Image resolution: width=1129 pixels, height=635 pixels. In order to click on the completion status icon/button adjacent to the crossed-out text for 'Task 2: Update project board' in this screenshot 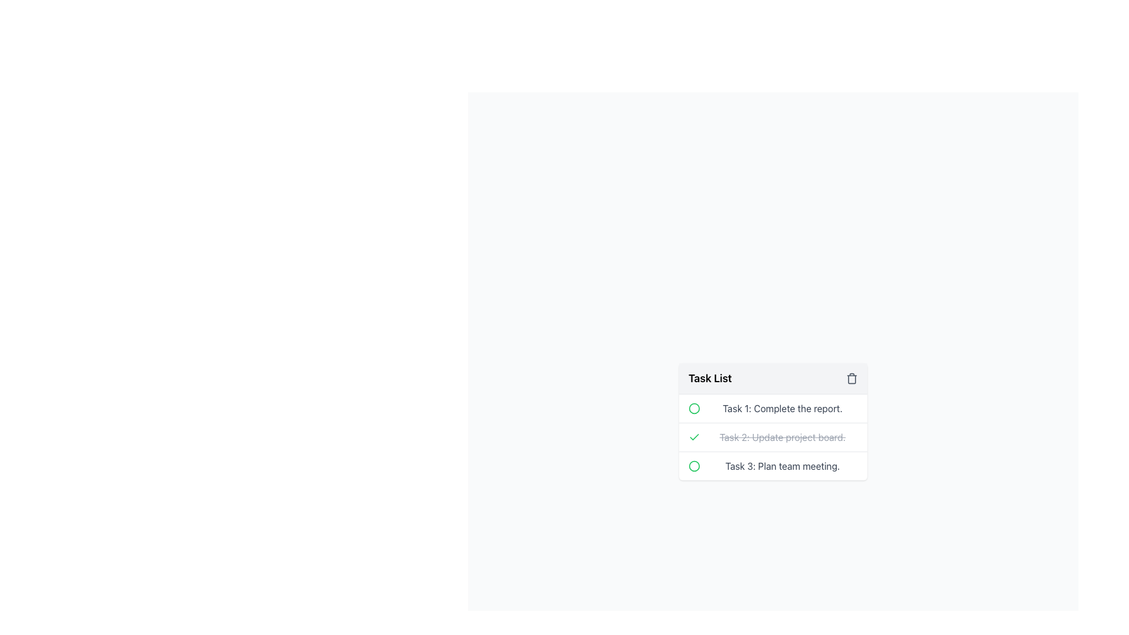, I will do `click(694, 437)`.